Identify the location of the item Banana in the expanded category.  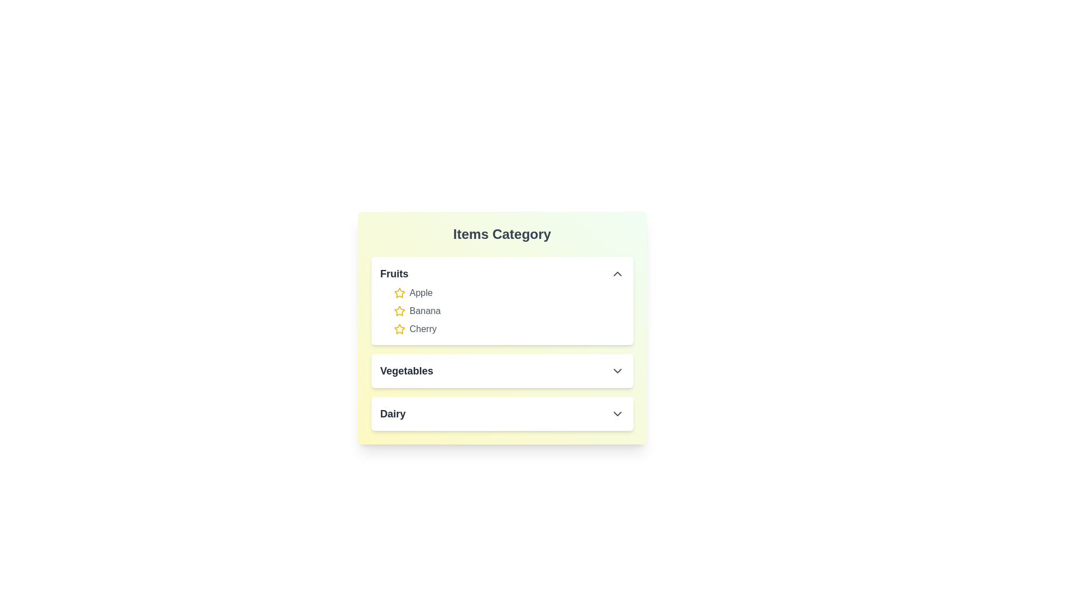
(425, 311).